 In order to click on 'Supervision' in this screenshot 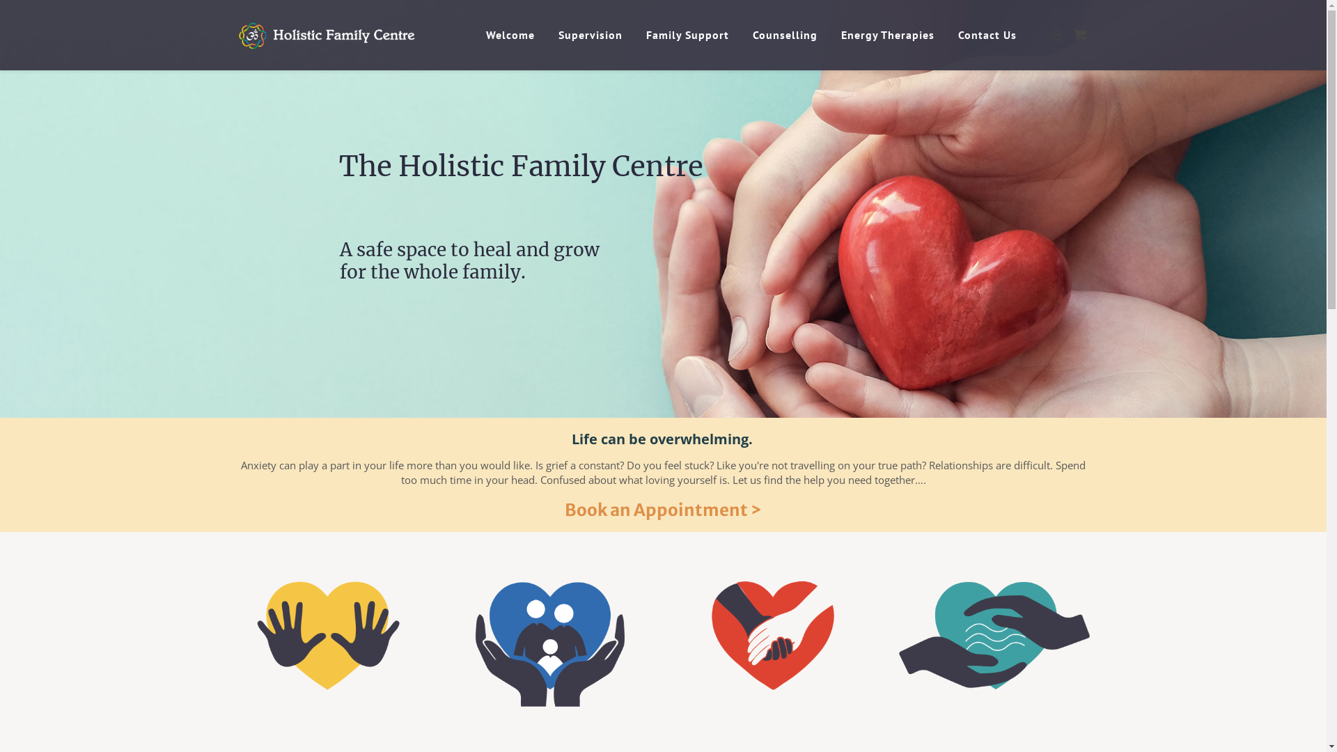, I will do `click(592, 34)`.